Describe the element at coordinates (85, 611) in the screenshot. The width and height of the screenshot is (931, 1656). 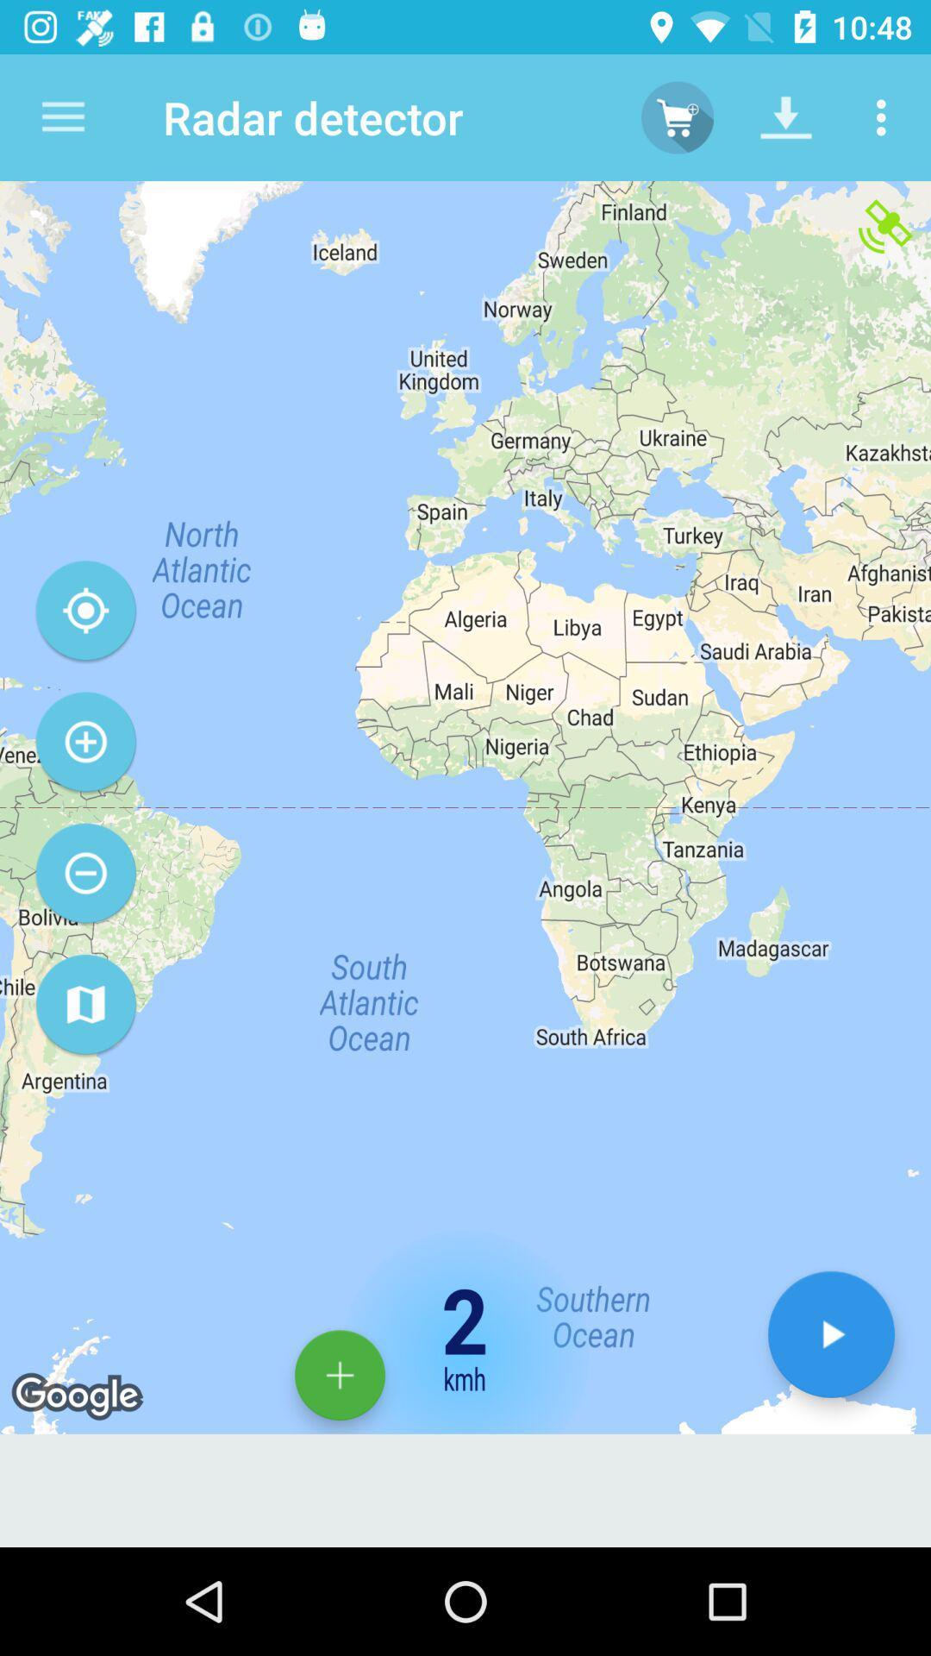
I see `the location_crosshair icon` at that location.